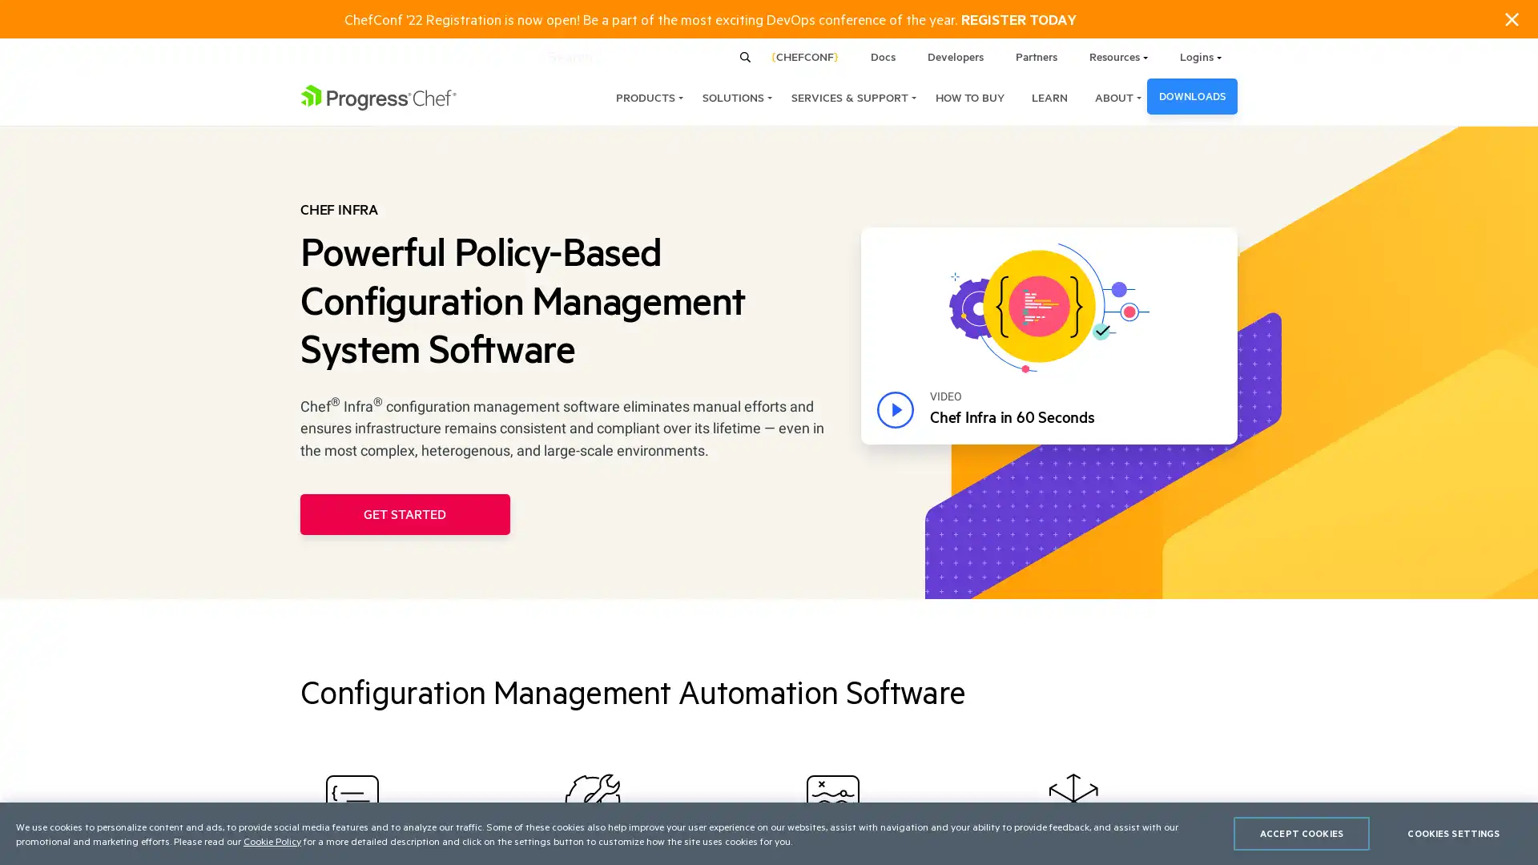 This screenshot has height=865, width=1538. What do you see at coordinates (814, 98) in the screenshot?
I see `SERVICES & SUPPORT` at bounding box center [814, 98].